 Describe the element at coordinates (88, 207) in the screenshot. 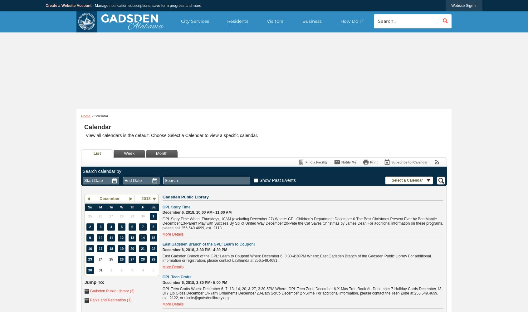

I see `'Su'` at that location.